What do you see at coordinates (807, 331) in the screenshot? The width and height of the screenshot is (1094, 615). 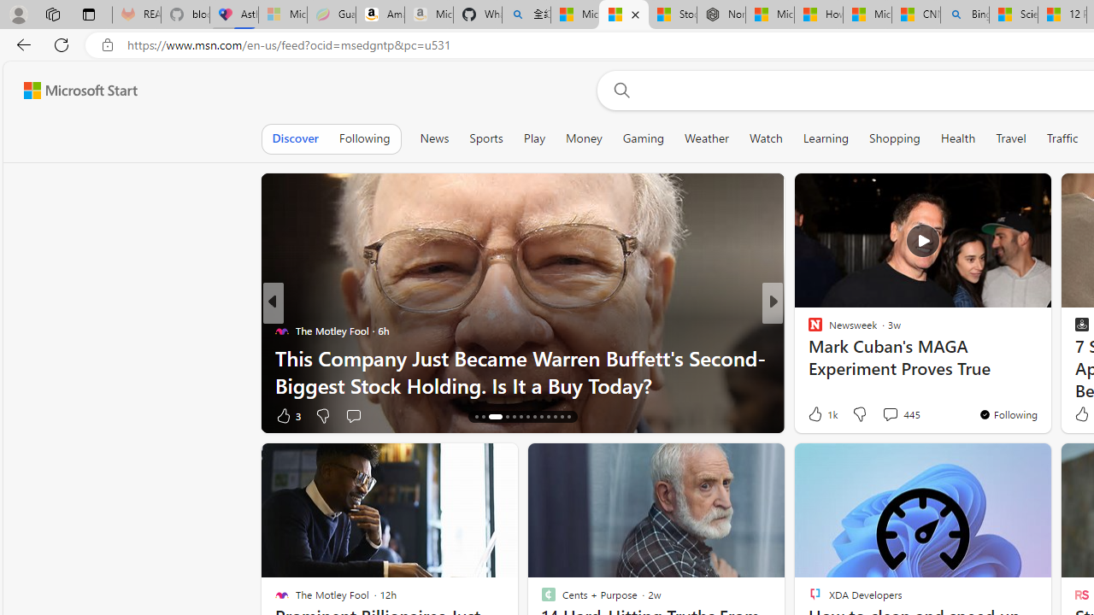 I see `'Constative'` at bounding box center [807, 331].